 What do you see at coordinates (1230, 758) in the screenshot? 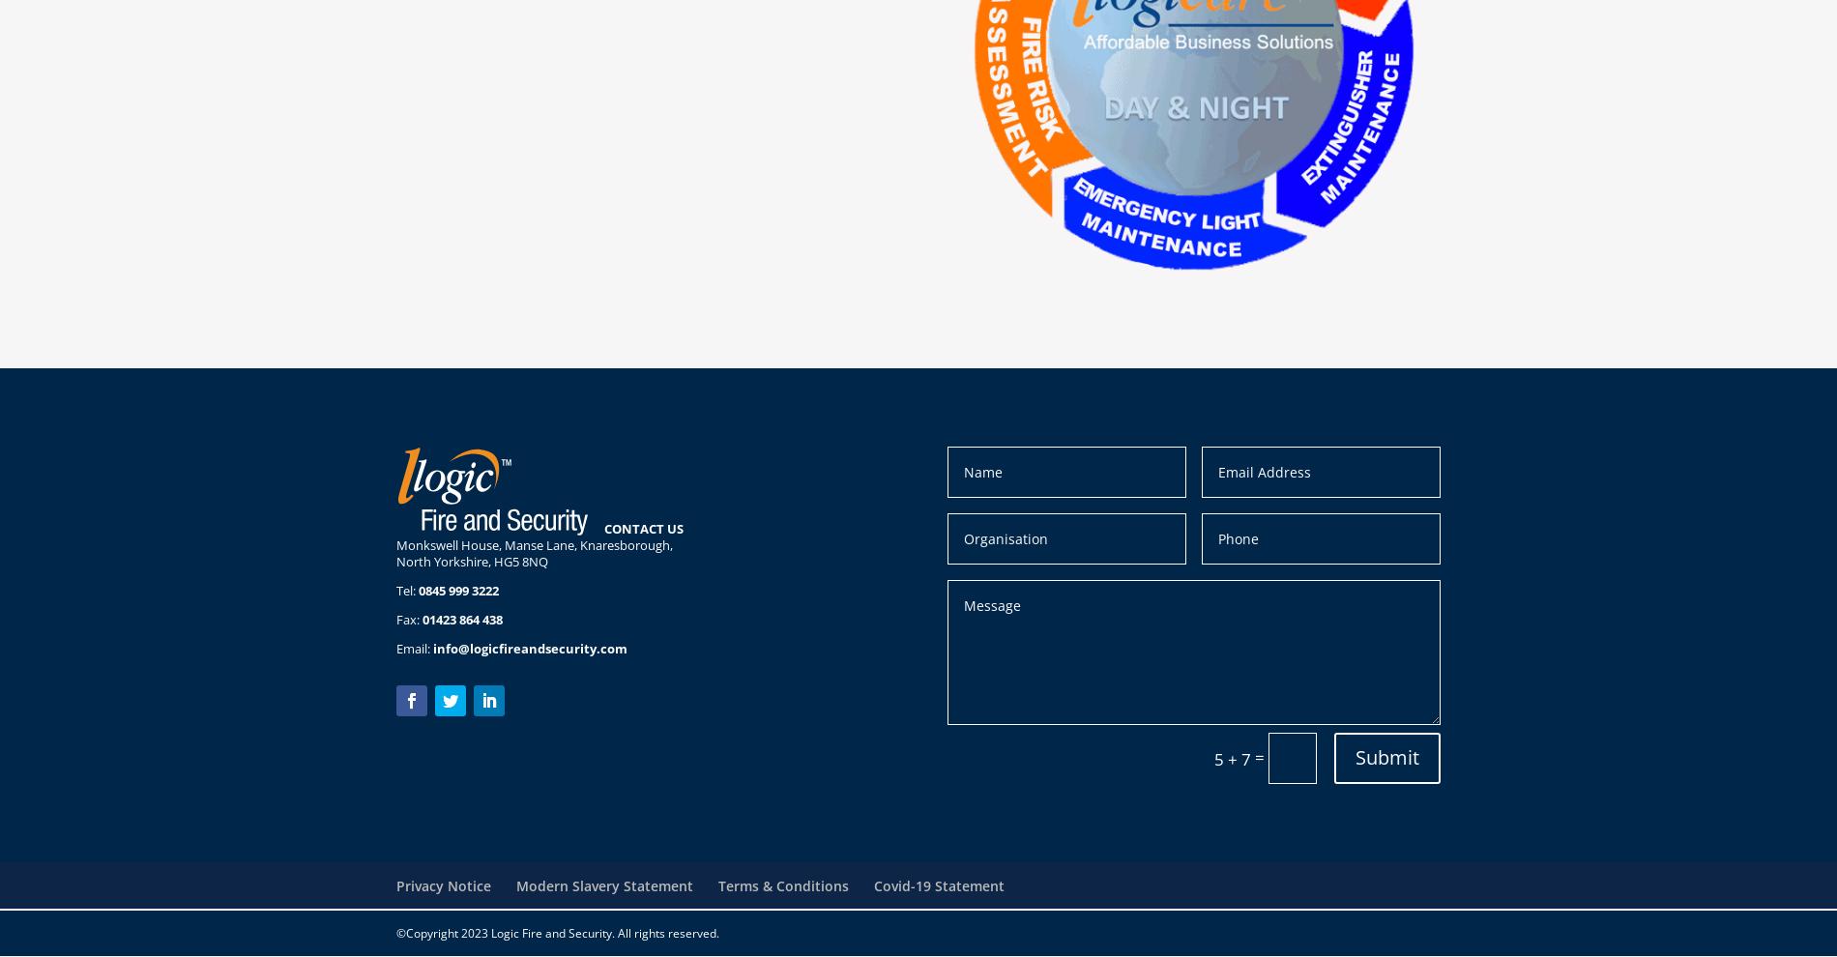
I see `'5 + 7'` at bounding box center [1230, 758].